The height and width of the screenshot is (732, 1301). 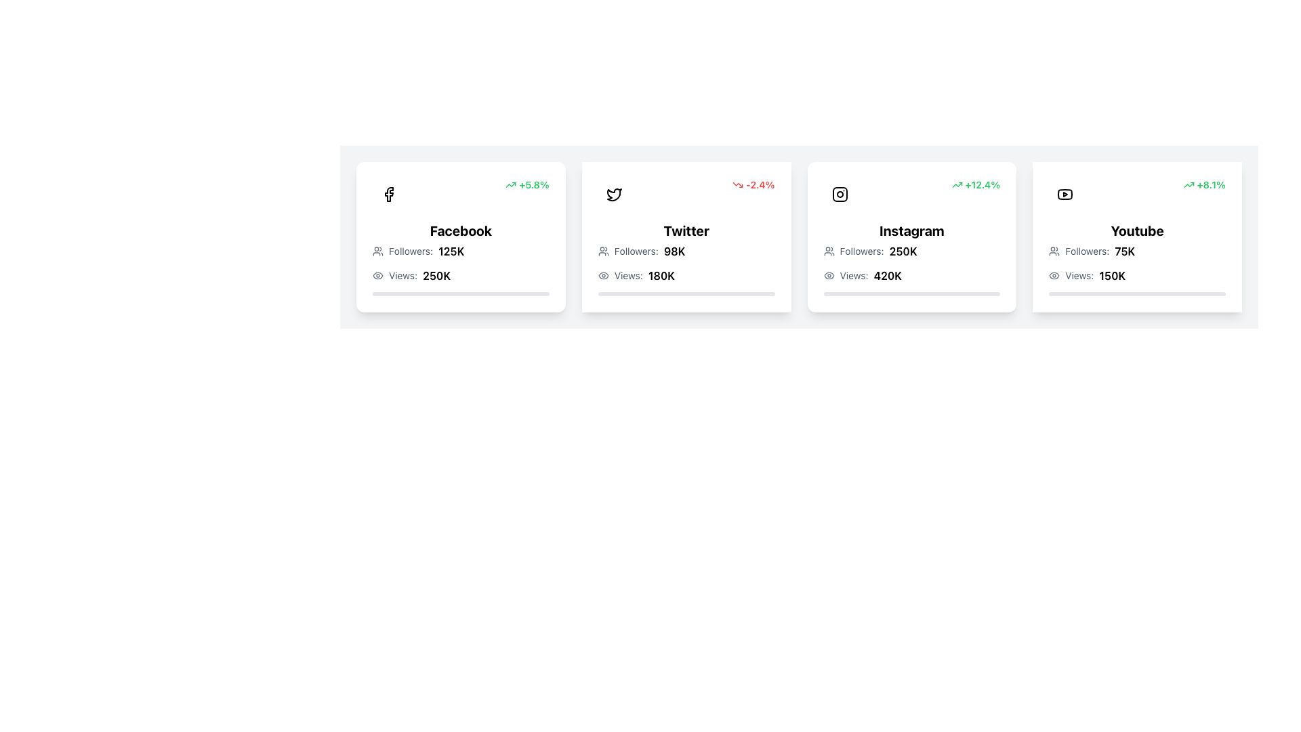 I want to click on the label with an associated icon indicating a negative change in the Twitter card, located in the upper right corner adjacent to the platform's icon and text, so click(x=753, y=185).